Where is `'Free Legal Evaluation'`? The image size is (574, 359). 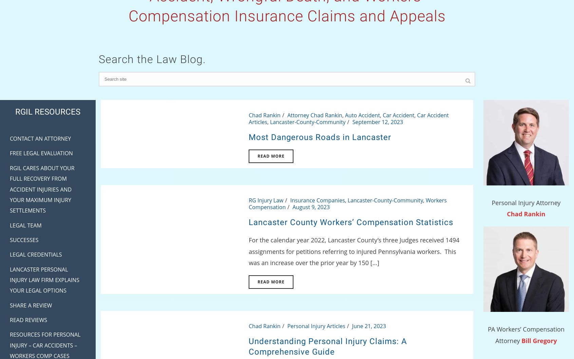
'Free Legal Evaluation' is located at coordinates (9, 153).